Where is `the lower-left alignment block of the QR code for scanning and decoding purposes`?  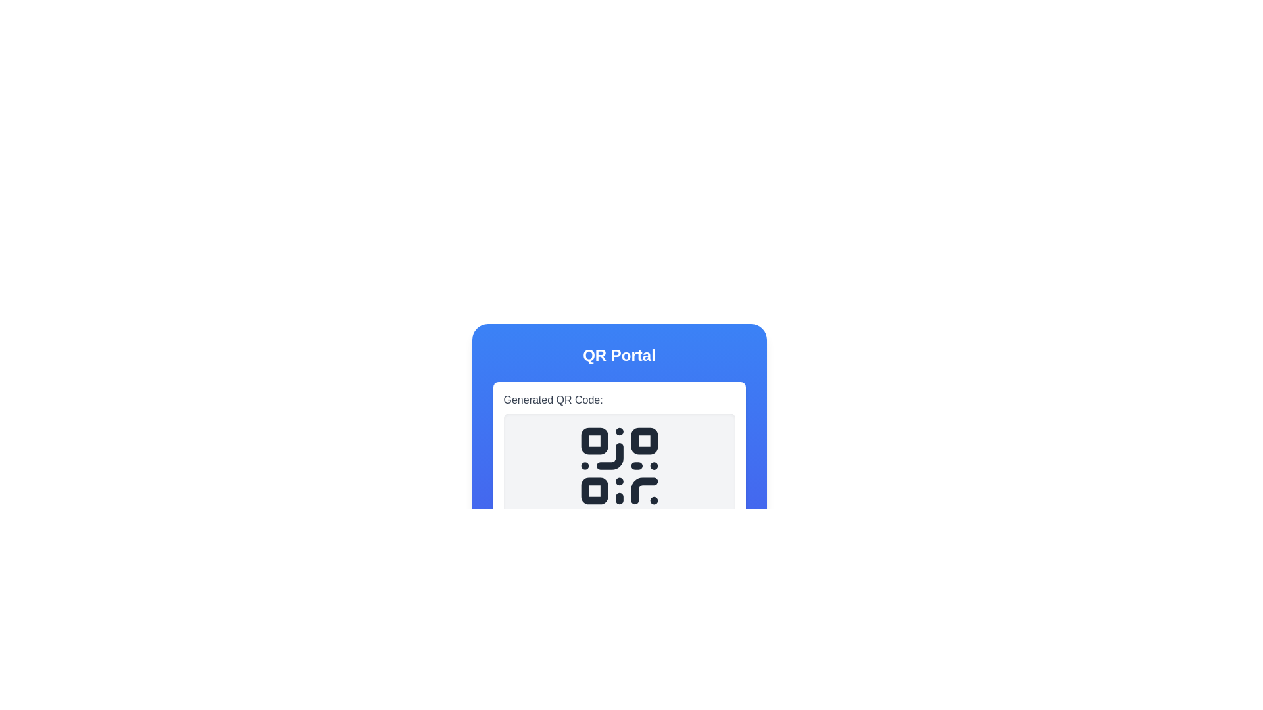 the lower-left alignment block of the QR code for scanning and decoding purposes is located at coordinates (593, 490).